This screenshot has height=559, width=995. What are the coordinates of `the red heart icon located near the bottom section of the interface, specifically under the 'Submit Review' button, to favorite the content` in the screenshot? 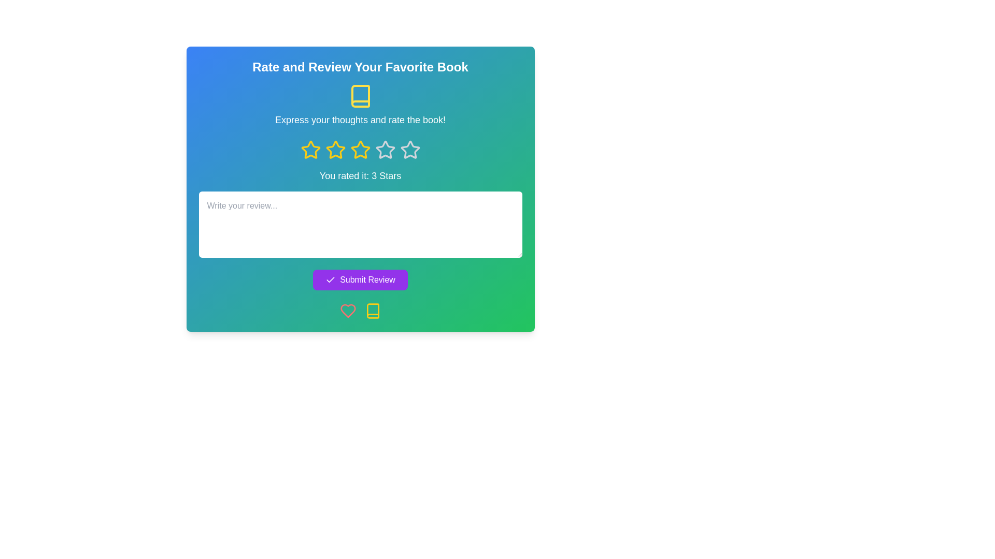 It's located at (348, 311).